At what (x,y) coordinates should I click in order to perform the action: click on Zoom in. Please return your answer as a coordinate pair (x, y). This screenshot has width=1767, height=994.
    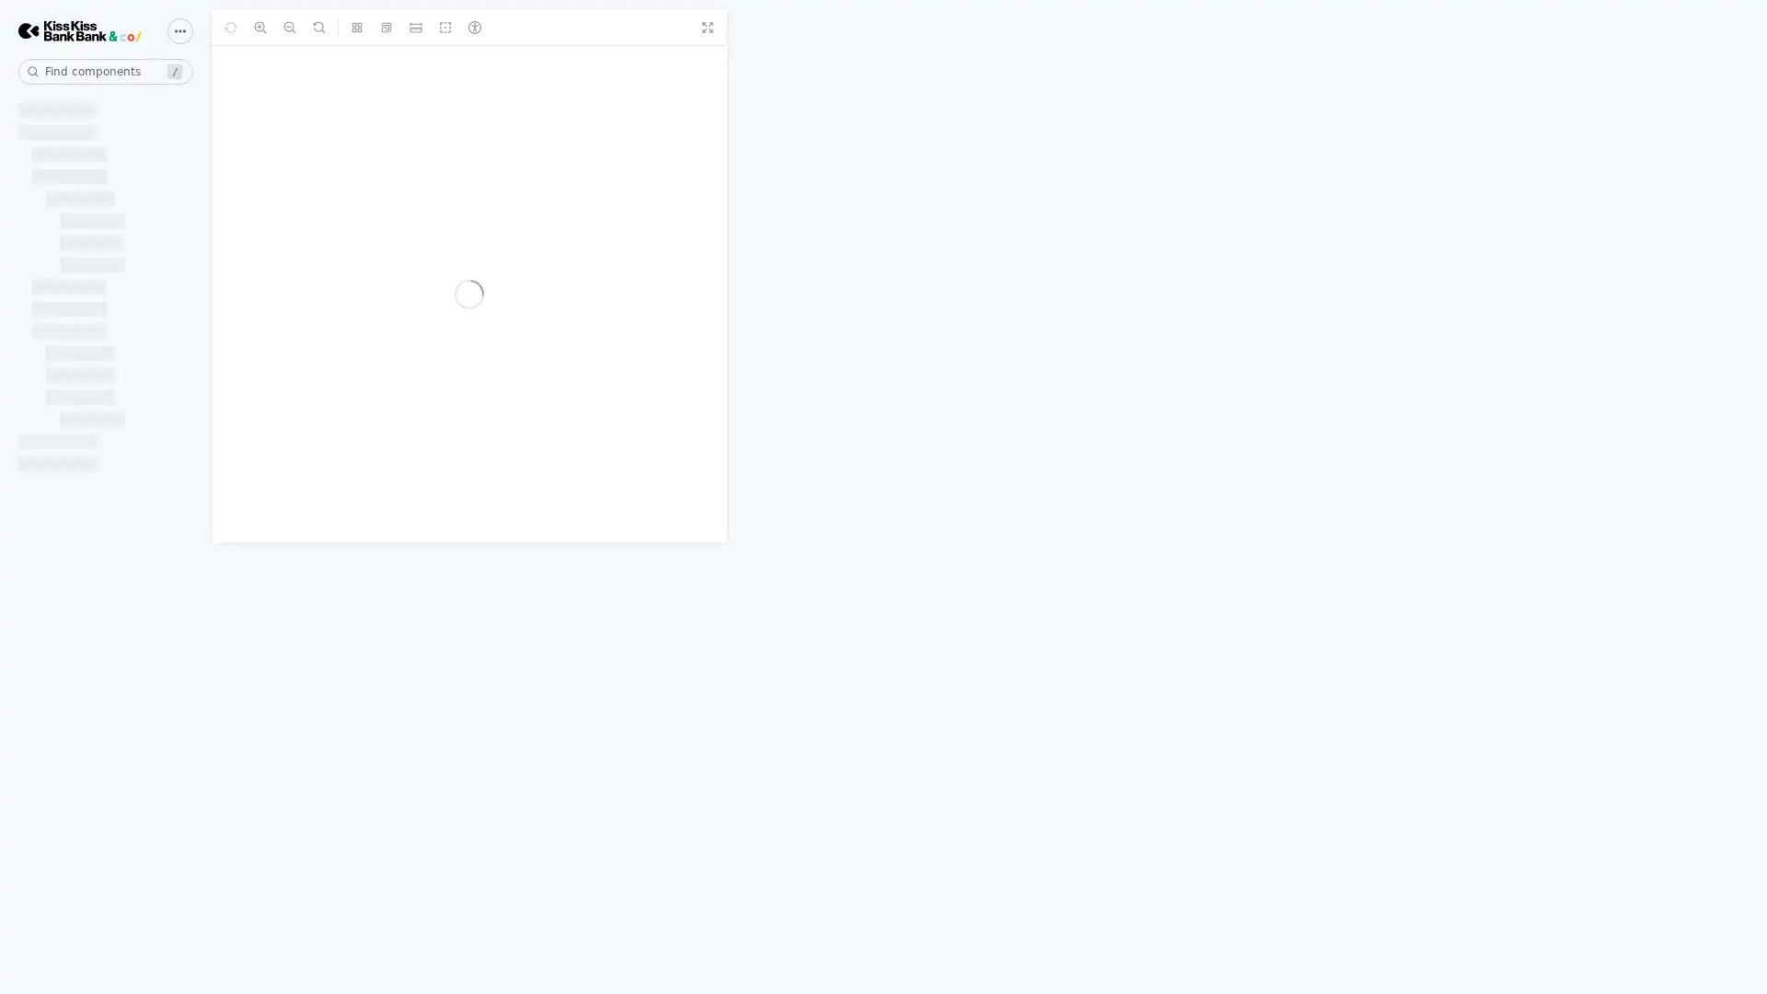
    Looking at the image, I should click on (401, 28).